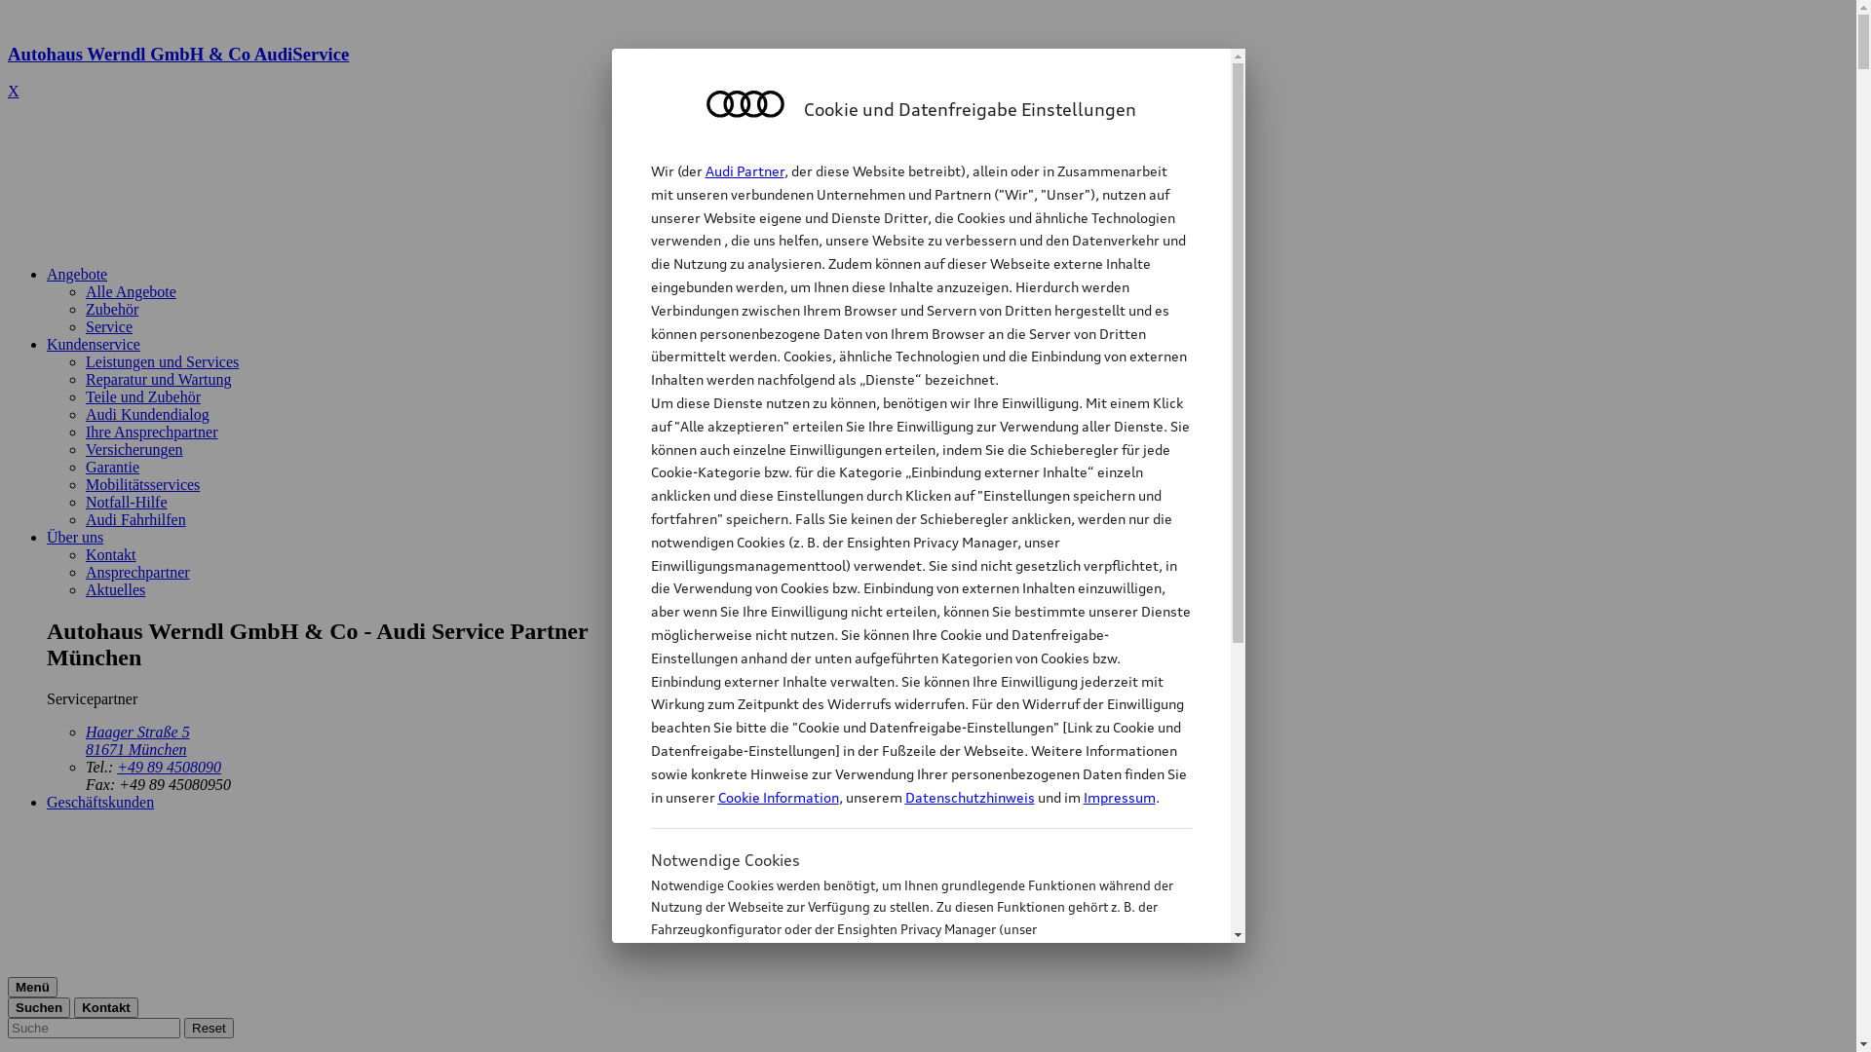 This screenshot has width=1871, height=1052. Describe the element at coordinates (715, 797) in the screenshot. I see `'Cookie Information'` at that location.